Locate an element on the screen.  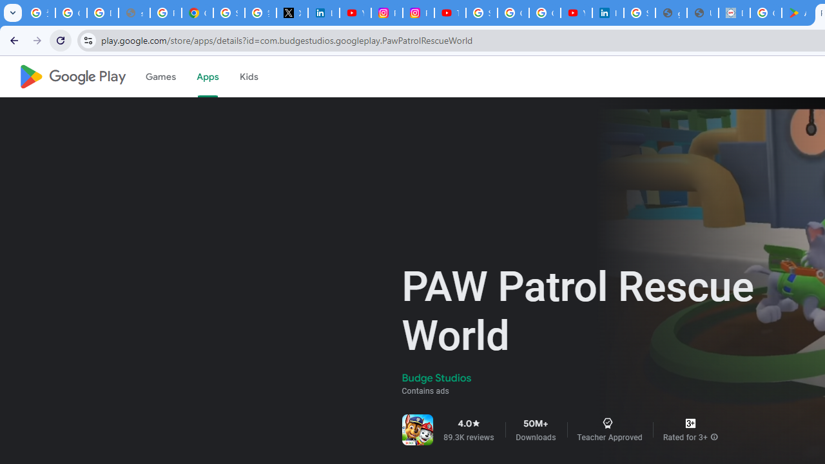
'Kids' is located at coordinates (248, 77).